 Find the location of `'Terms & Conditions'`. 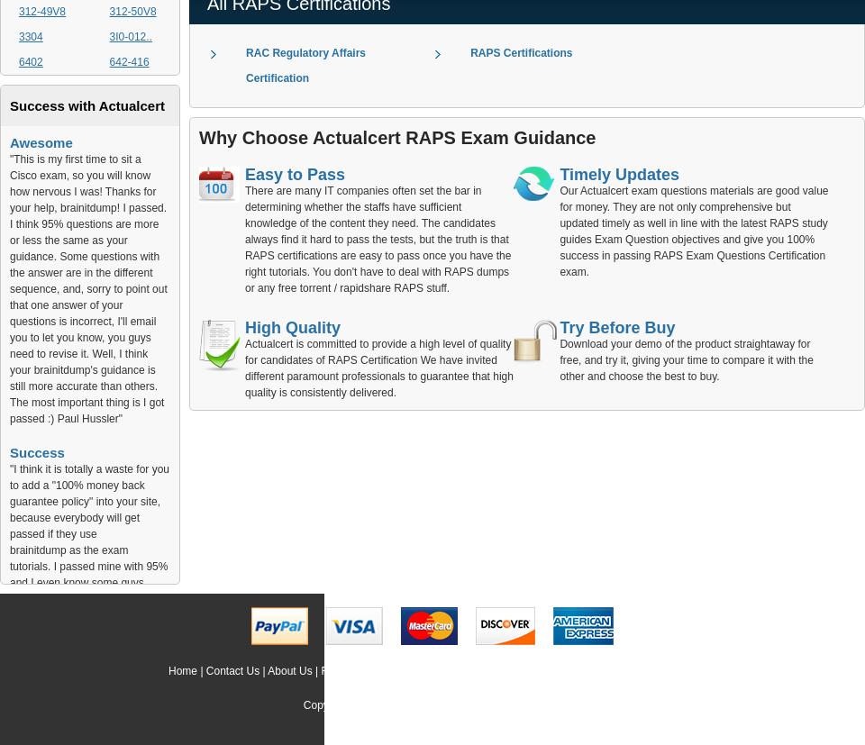

'Terms & Conditions' is located at coordinates (540, 669).